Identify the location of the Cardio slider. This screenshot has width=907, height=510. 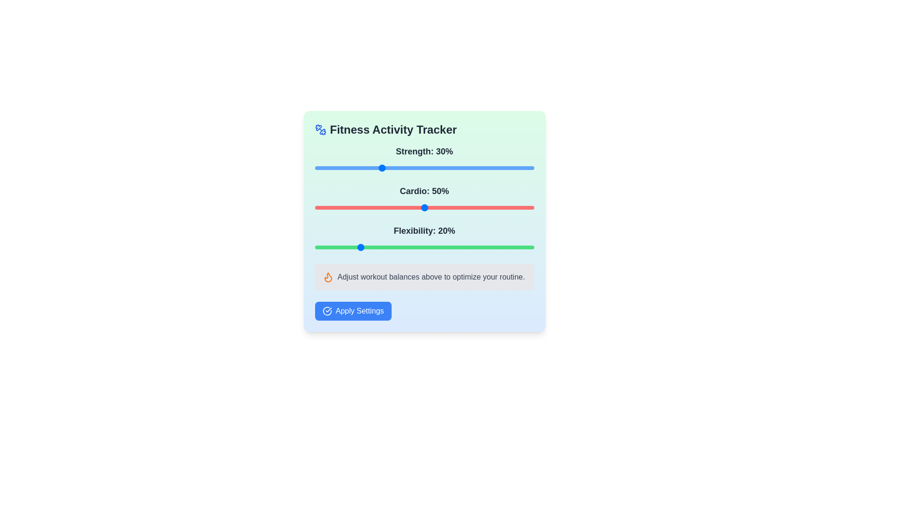
(389, 207).